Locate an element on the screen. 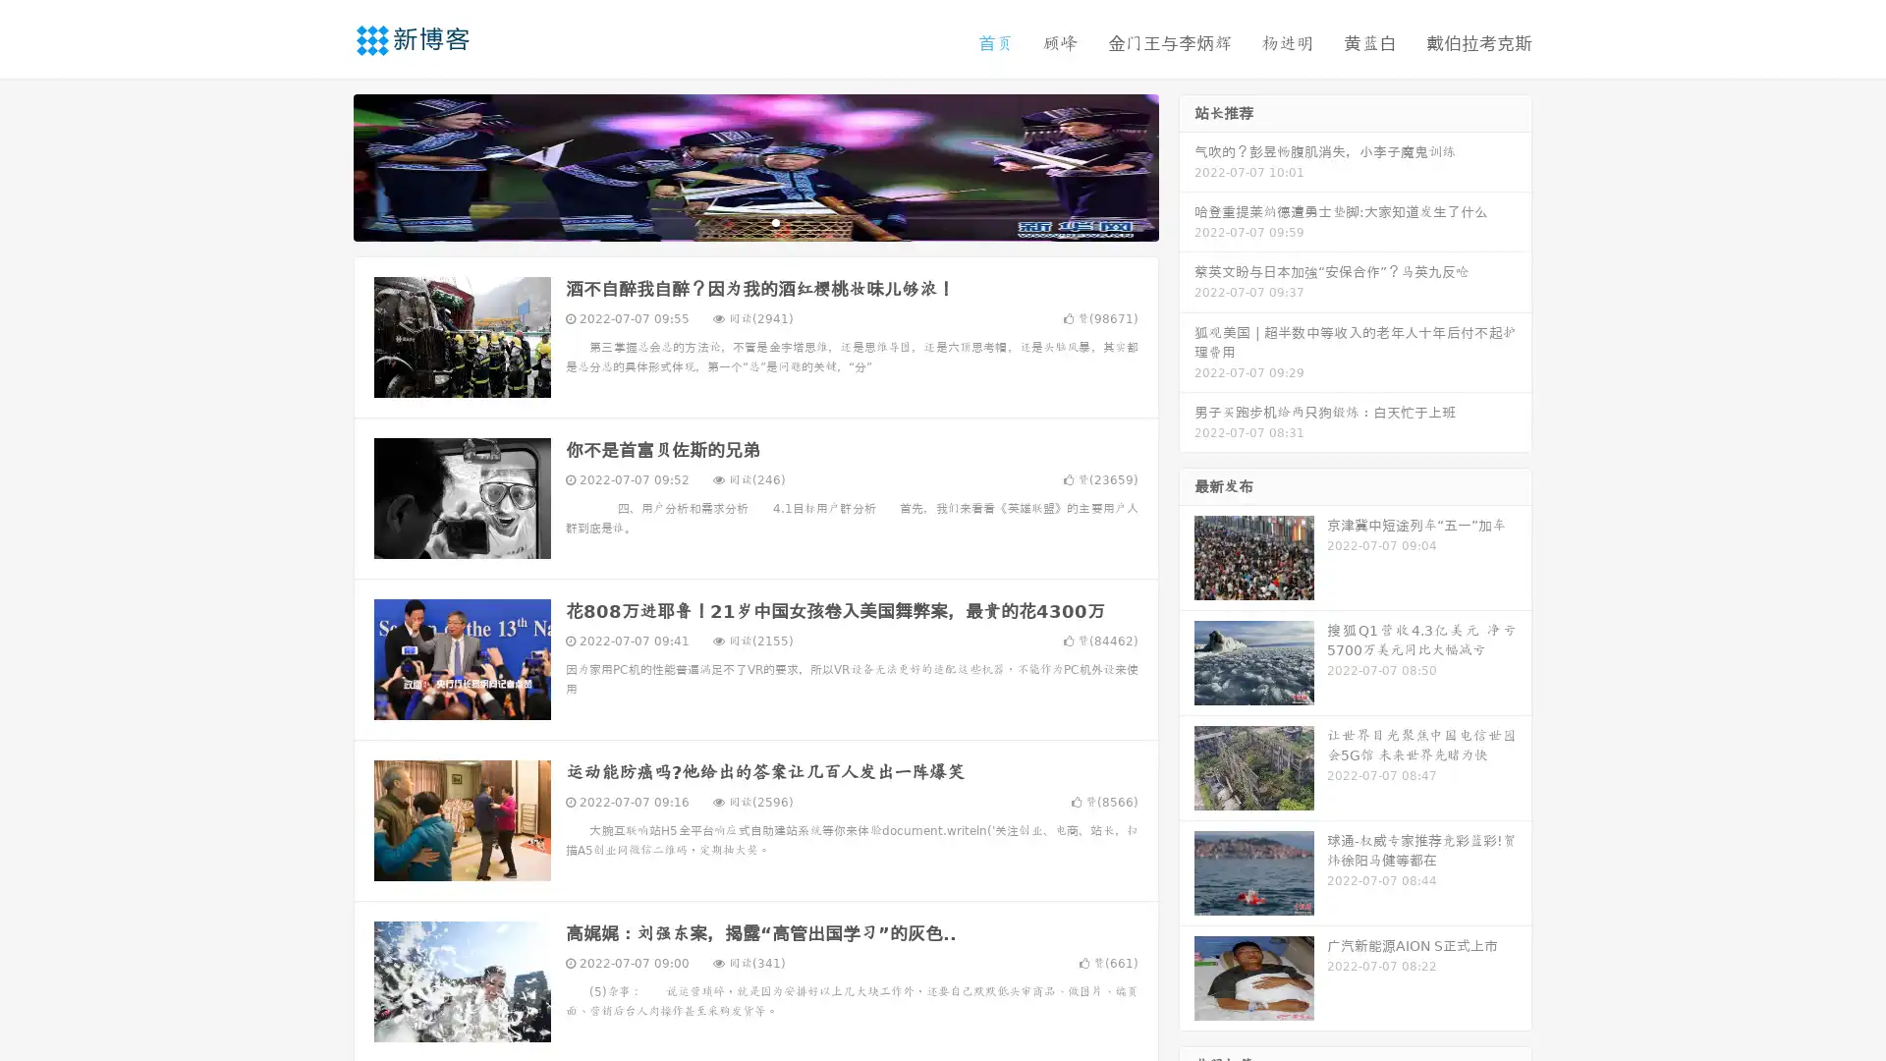 This screenshot has height=1061, width=1886. Next slide is located at coordinates (1187, 165).